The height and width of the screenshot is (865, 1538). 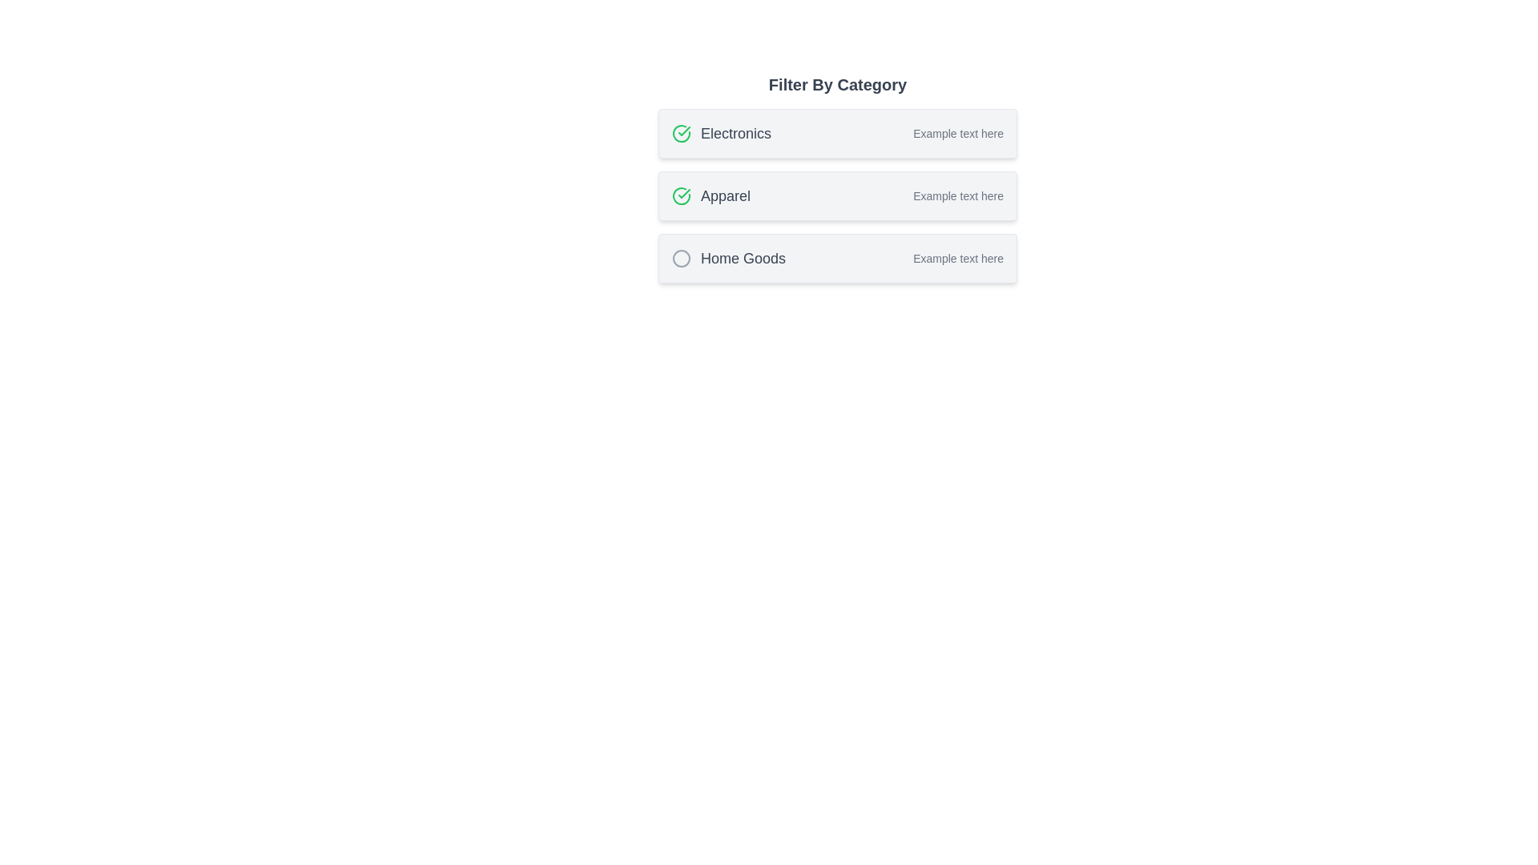 I want to click on the SVG circle element that is filled and has a stroke outline, located to the immediate left of the 'Home Goods' label, so click(x=681, y=258).